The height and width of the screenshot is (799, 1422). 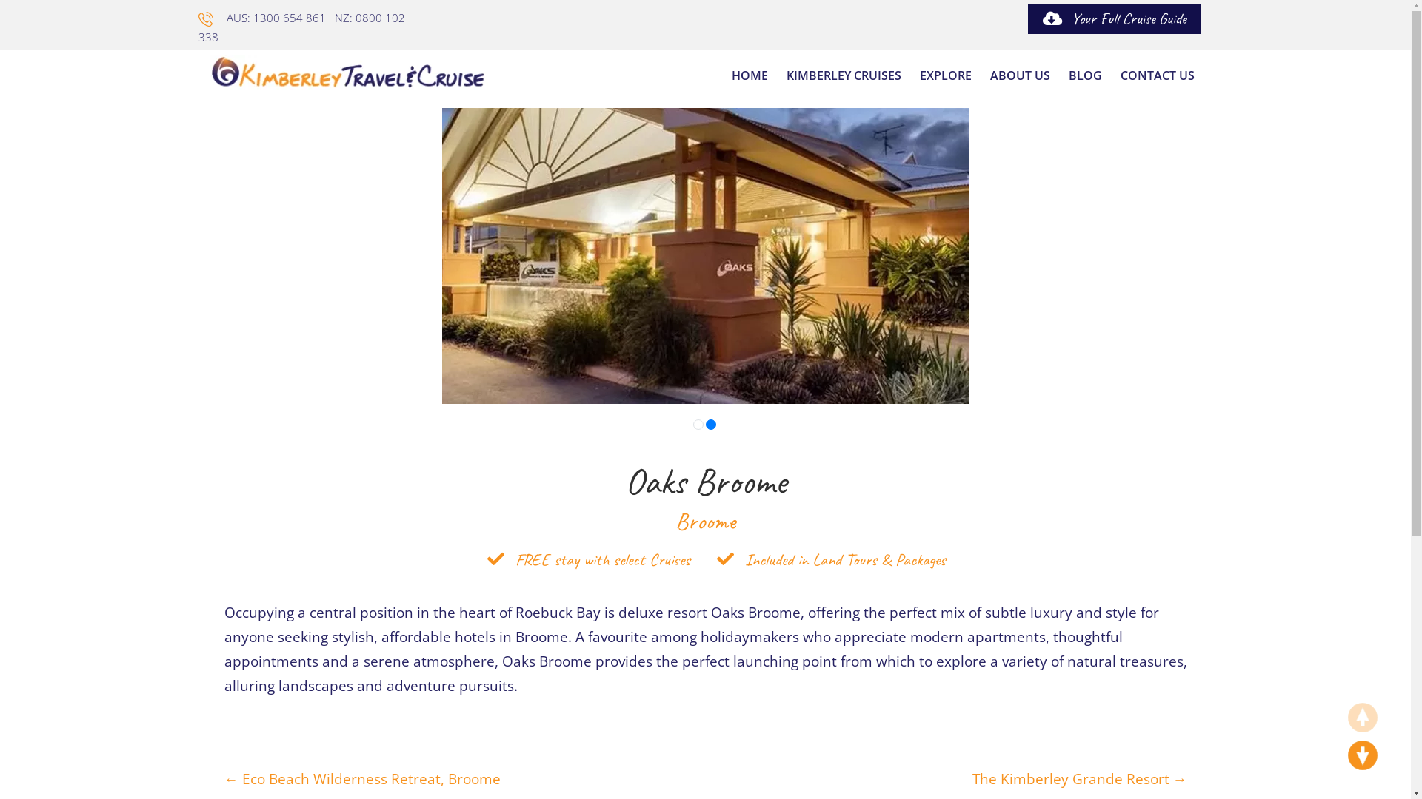 What do you see at coordinates (697, 425) in the screenshot?
I see `'1'` at bounding box center [697, 425].